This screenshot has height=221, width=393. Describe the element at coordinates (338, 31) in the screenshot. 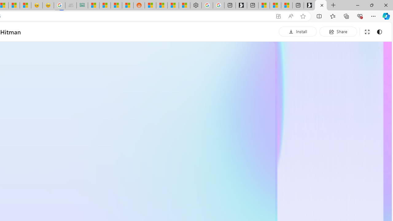

I see `'Share'` at that location.